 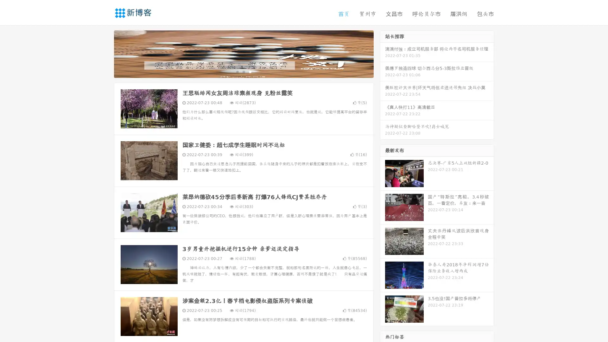 I want to click on Go to slide 1, so click(x=237, y=71).